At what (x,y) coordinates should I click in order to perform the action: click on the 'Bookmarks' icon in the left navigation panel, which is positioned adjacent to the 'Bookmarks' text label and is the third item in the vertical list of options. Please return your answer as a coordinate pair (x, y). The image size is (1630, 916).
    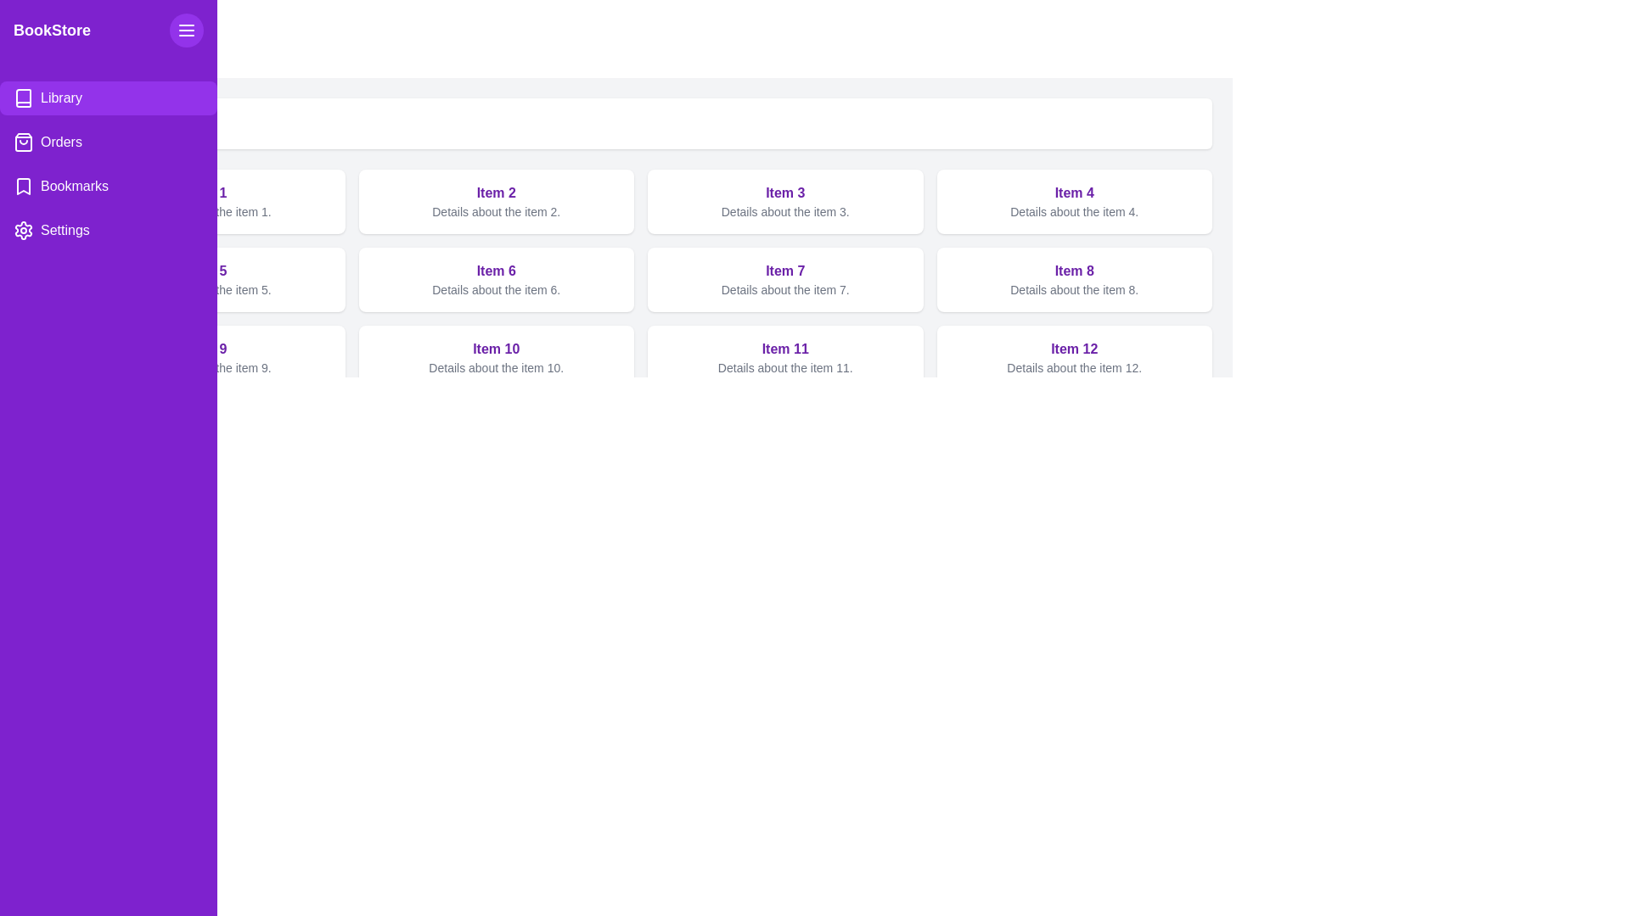
    Looking at the image, I should click on (24, 186).